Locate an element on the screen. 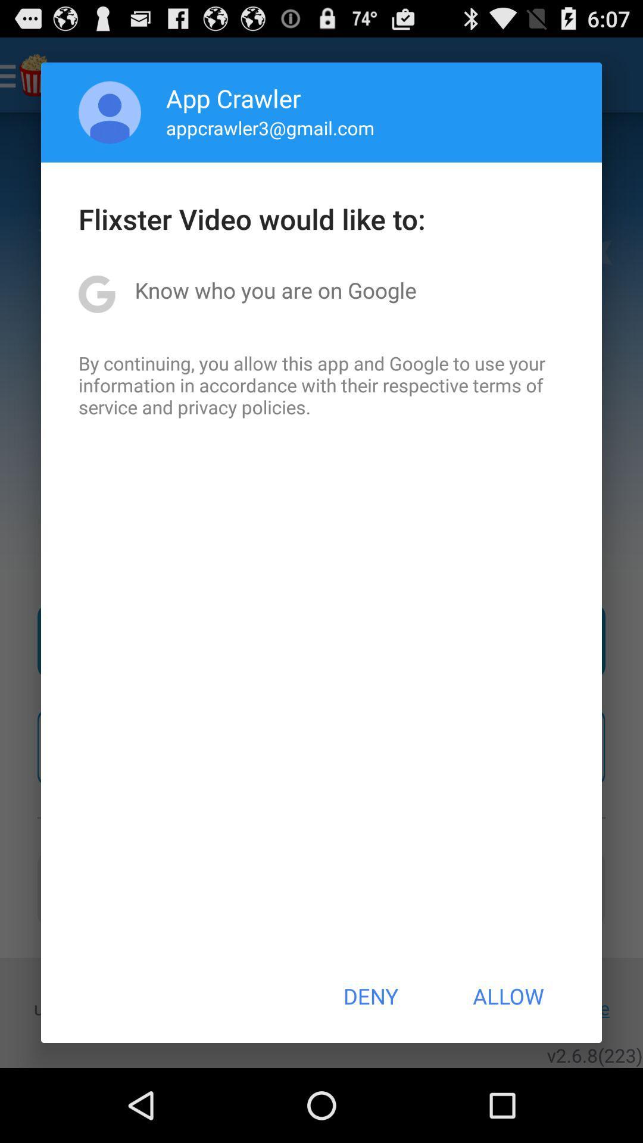  the app crawler is located at coordinates (233, 98).